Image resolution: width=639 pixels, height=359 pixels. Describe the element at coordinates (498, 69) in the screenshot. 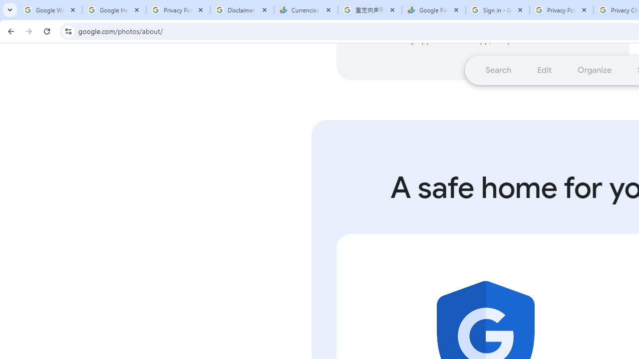

I see `'Go to section: Search'` at that location.